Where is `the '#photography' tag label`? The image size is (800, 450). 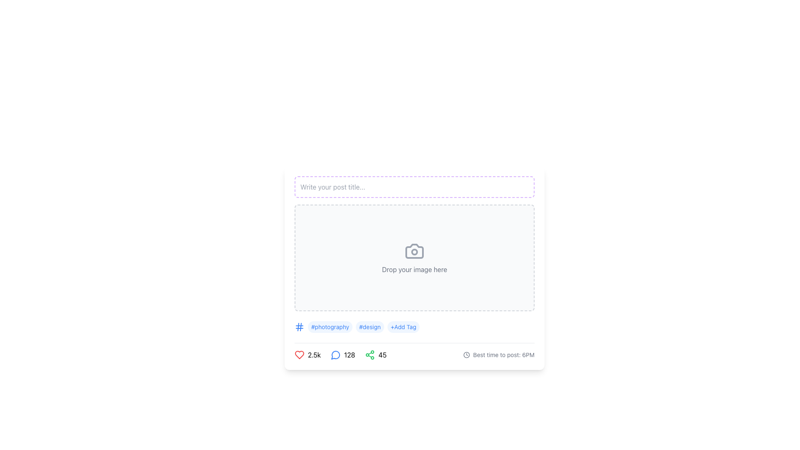
the '#photography' tag label is located at coordinates (330, 327).